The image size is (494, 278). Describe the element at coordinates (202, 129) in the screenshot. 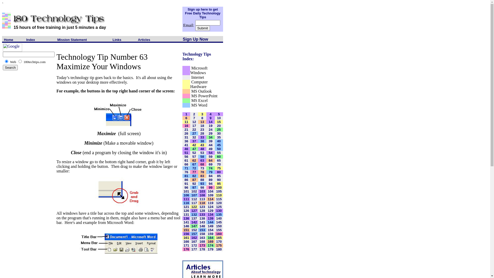

I see `'23'` at that location.